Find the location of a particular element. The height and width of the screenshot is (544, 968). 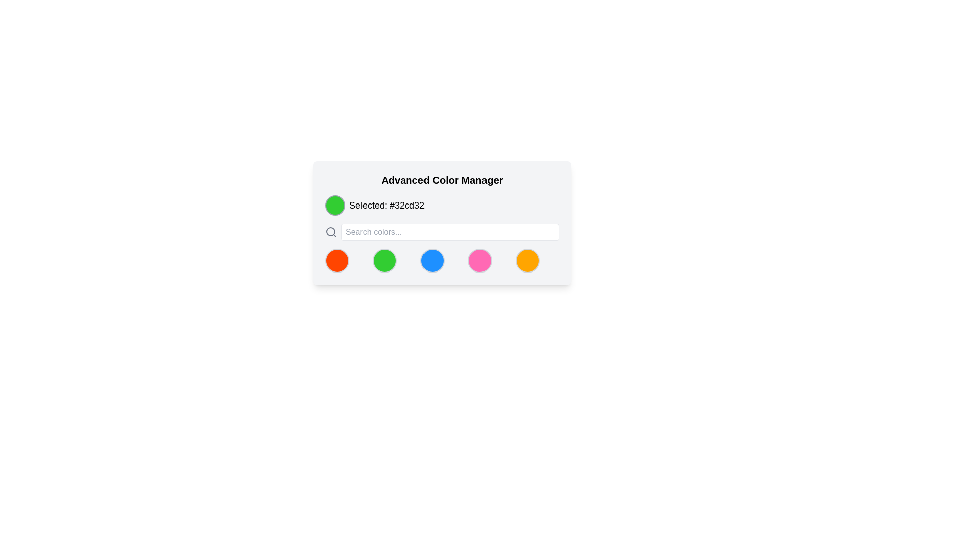

color information from the static text label displaying 'Selected: #32cd32', which is located next to a green circular color indicator in the 'Advanced Color Manager' panel is located at coordinates (386, 205).